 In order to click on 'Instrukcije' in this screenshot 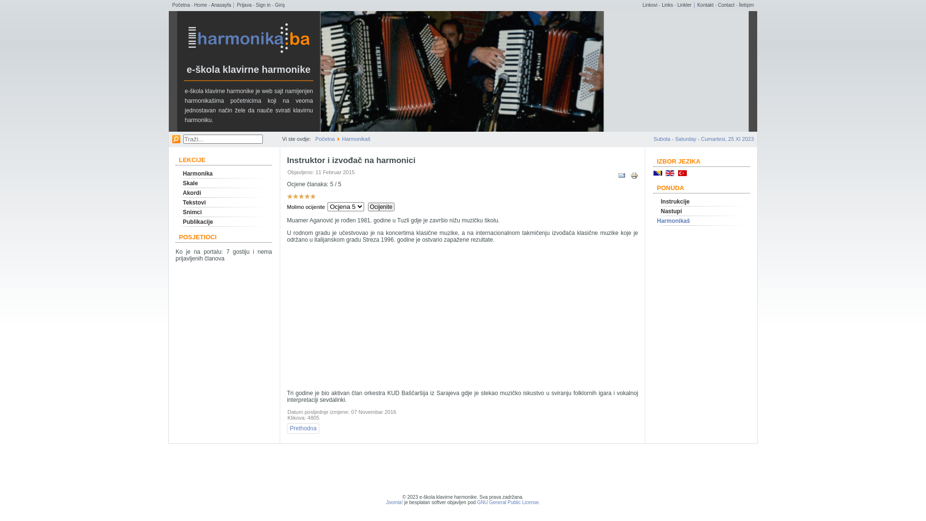, I will do `click(701, 201)`.